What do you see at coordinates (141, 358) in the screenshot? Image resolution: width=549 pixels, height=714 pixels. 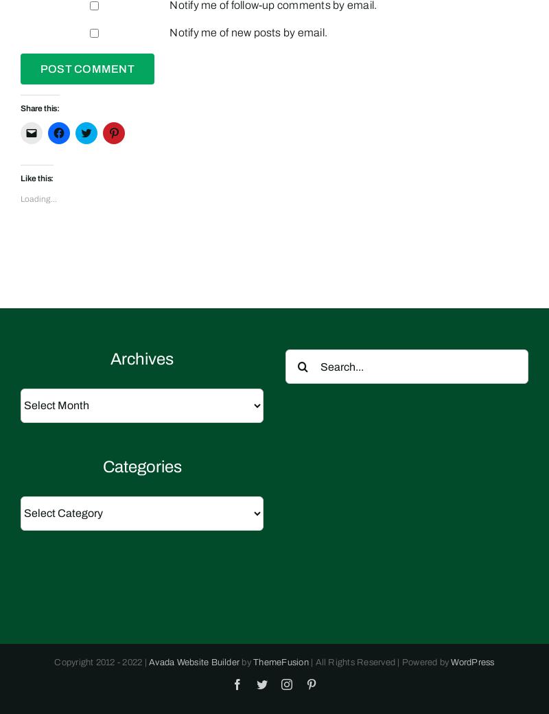 I see `'Archives'` at bounding box center [141, 358].